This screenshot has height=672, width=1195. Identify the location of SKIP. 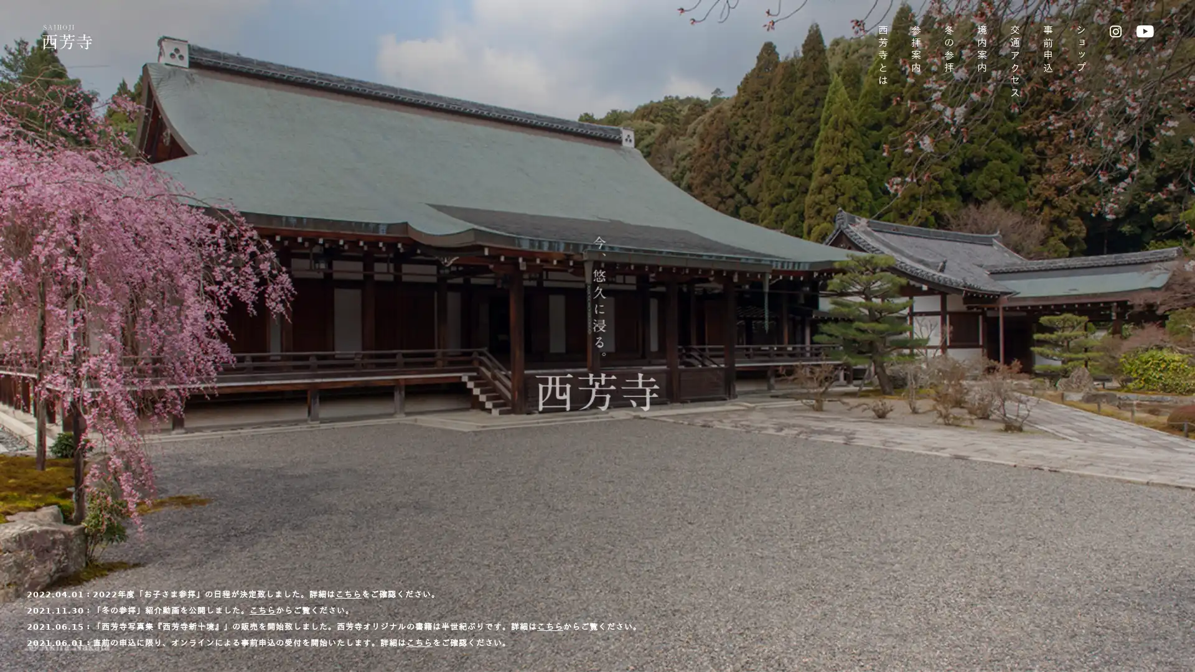
(596, 383).